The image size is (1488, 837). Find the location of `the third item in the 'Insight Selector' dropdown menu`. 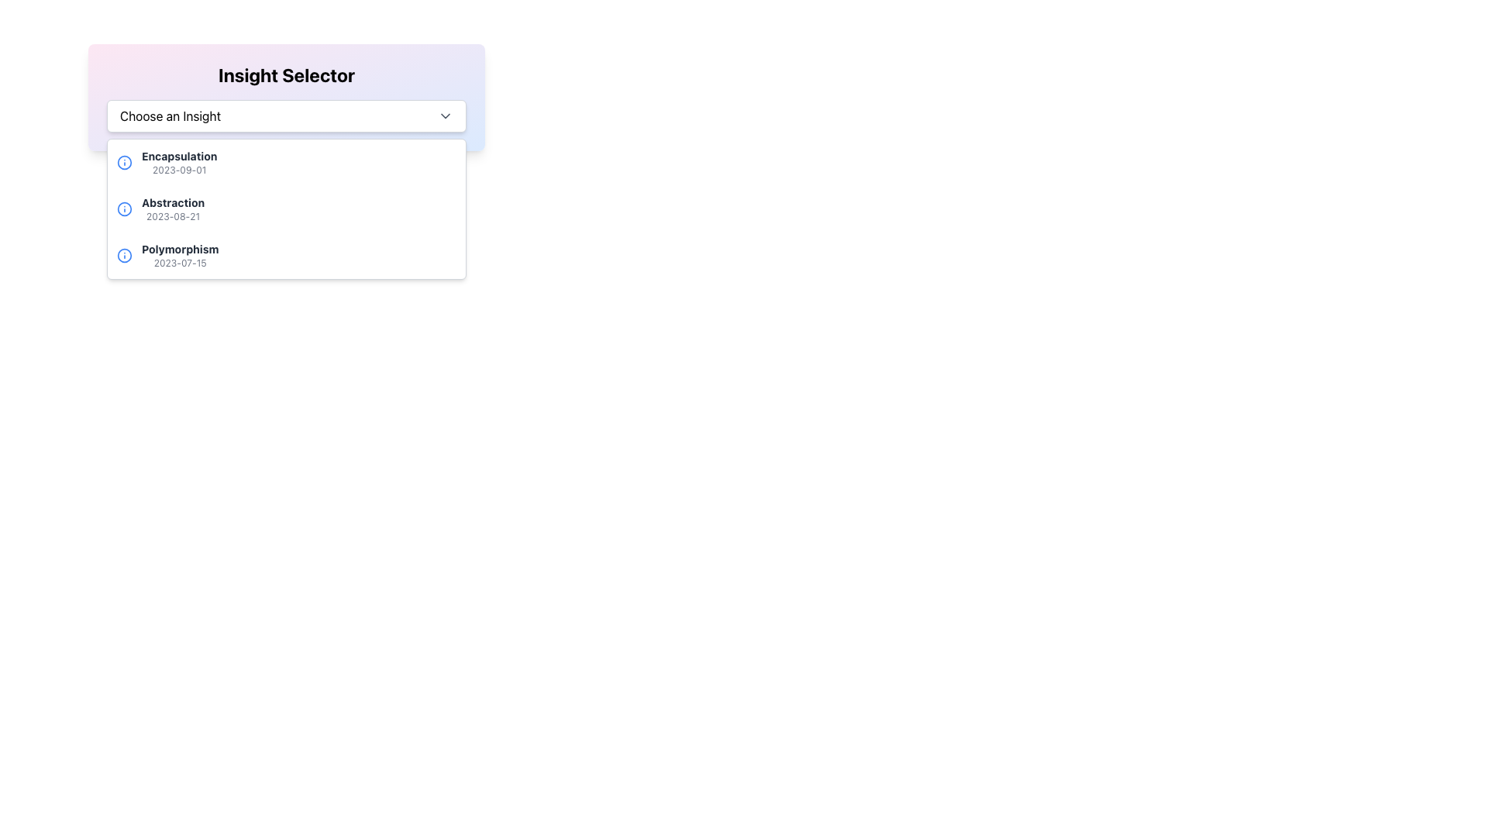

the third item in the 'Insight Selector' dropdown menu is located at coordinates (180, 255).